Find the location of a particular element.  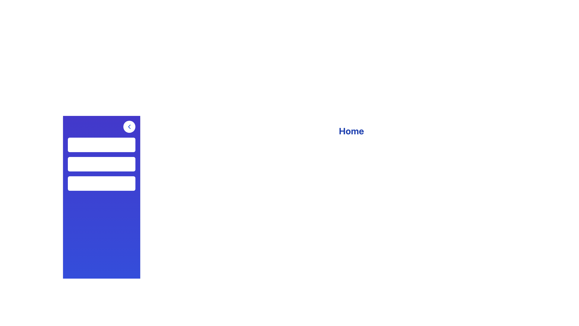

the navigation button located as the third item in the vertical sidebar list, positioned below 'Home' and 'Contact', for keyboard navigation is located at coordinates (101, 183).